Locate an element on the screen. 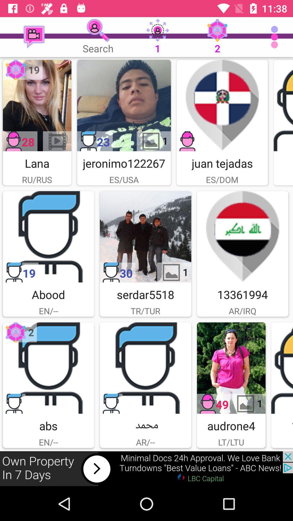  abood is located at coordinates (48, 237).